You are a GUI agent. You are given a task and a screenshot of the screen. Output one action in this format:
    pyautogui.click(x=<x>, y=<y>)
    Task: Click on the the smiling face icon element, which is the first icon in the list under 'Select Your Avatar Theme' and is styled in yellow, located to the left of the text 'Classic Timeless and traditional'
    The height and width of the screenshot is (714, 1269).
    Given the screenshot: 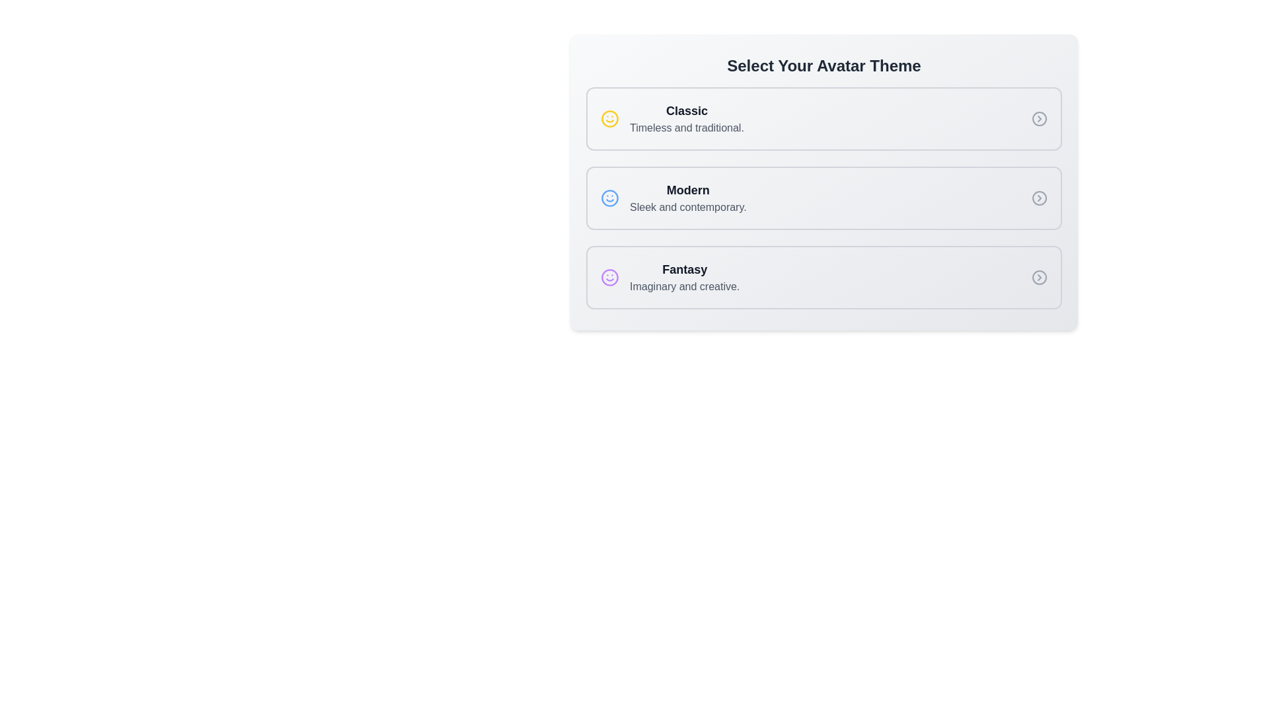 What is the action you would take?
    pyautogui.click(x=609, y=119)
    